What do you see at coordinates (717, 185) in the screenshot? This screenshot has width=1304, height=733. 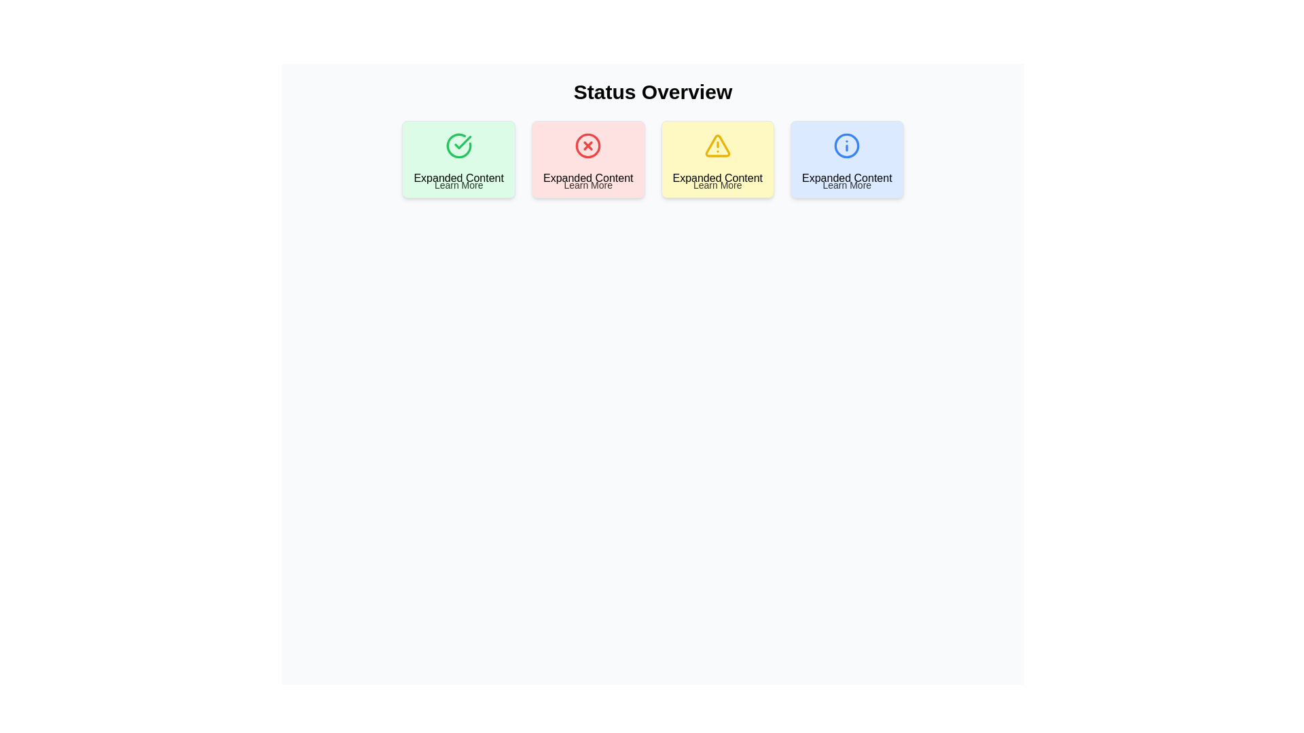 I see `the textual hyperlink reading 'Learn More'` at bounding box center [717, 185].